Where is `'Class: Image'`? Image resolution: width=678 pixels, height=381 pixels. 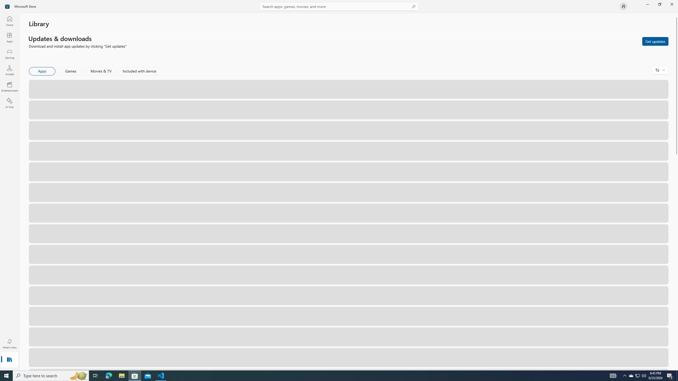
'Class: Image' is located at coordinates (7, 6).